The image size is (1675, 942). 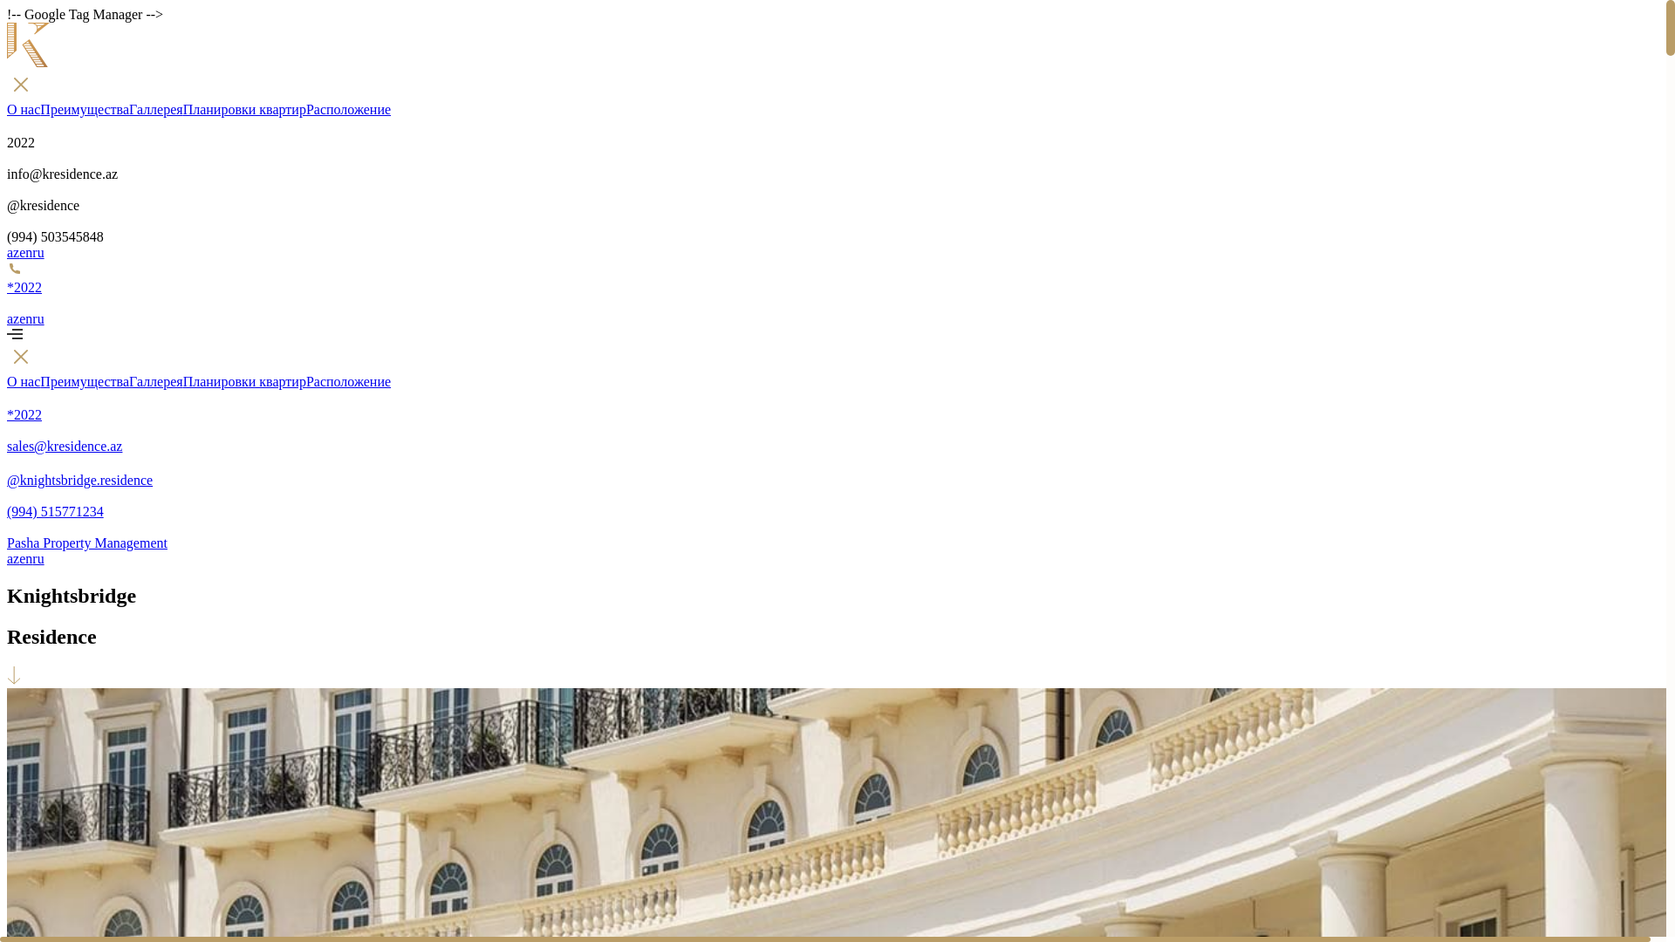 I want to click on 'az', so click(x=12, y=252).